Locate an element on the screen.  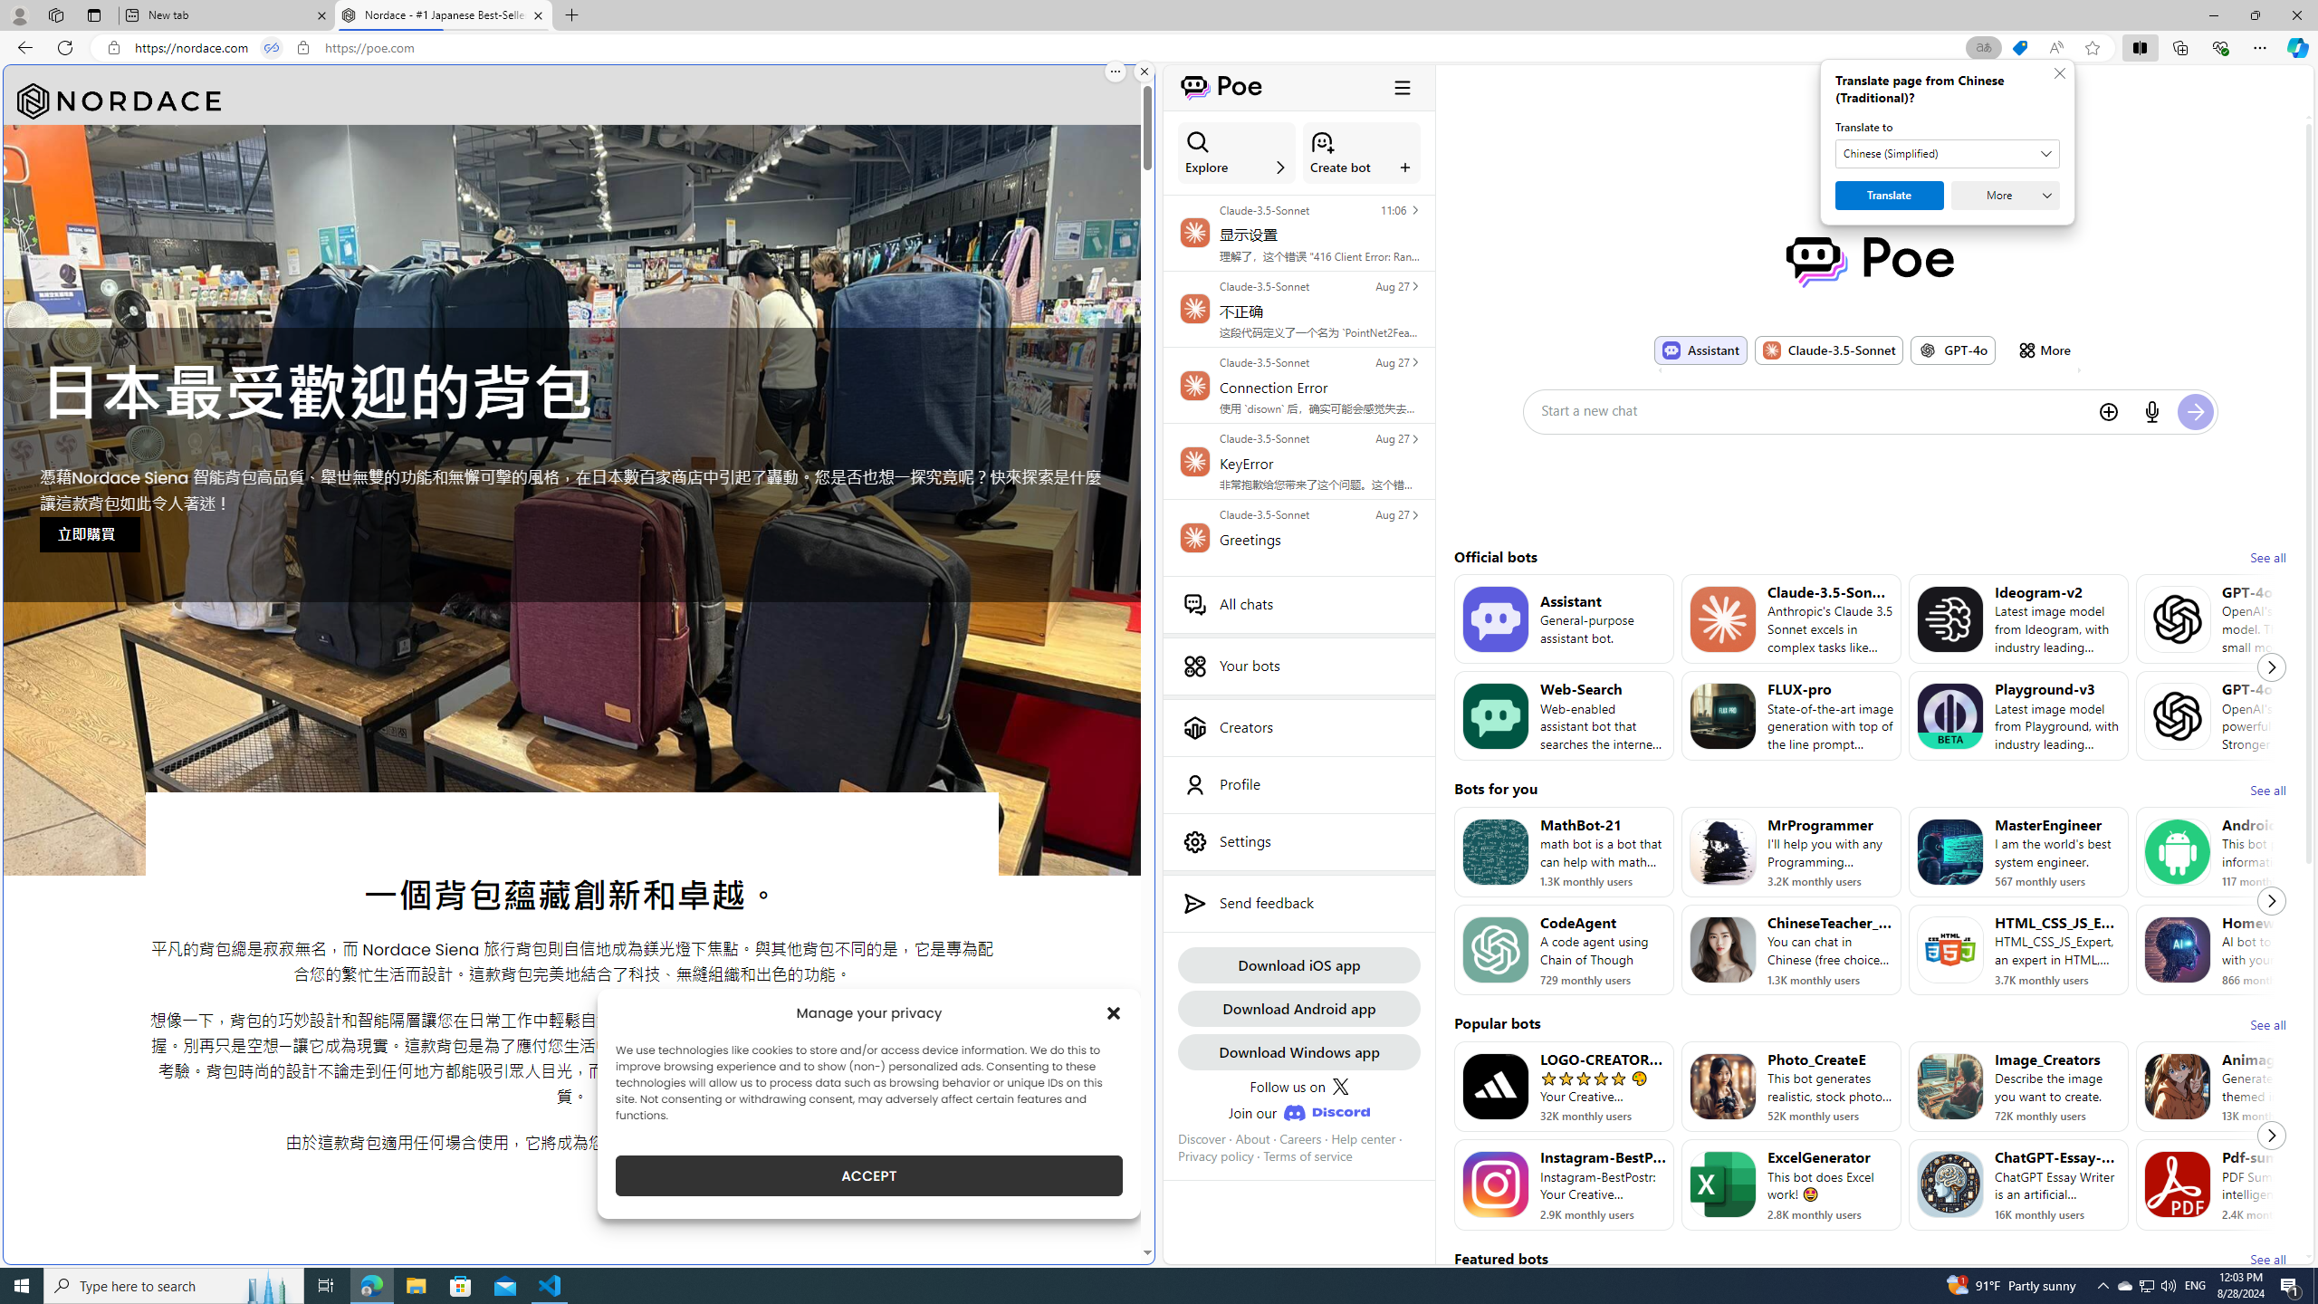
'Bot image for Web-Search' is located at coordinates (1494, 714).